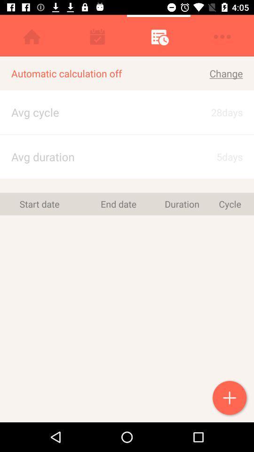 The image size is (254, 452). I want to click on the item next to end date app, so click(39, 204).